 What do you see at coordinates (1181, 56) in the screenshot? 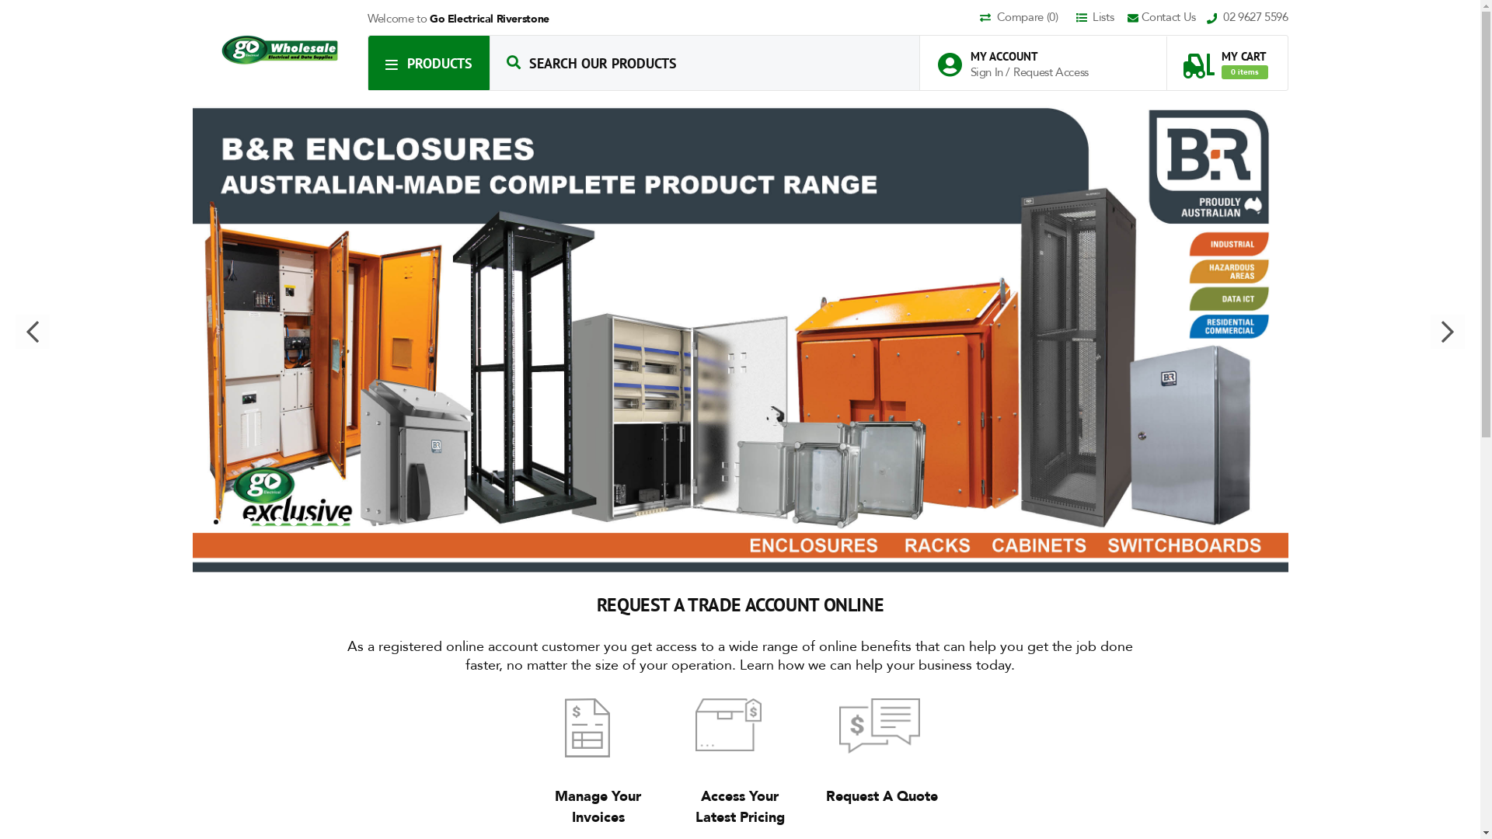
I see `'MY CART` at bounding box center [1181, 56].